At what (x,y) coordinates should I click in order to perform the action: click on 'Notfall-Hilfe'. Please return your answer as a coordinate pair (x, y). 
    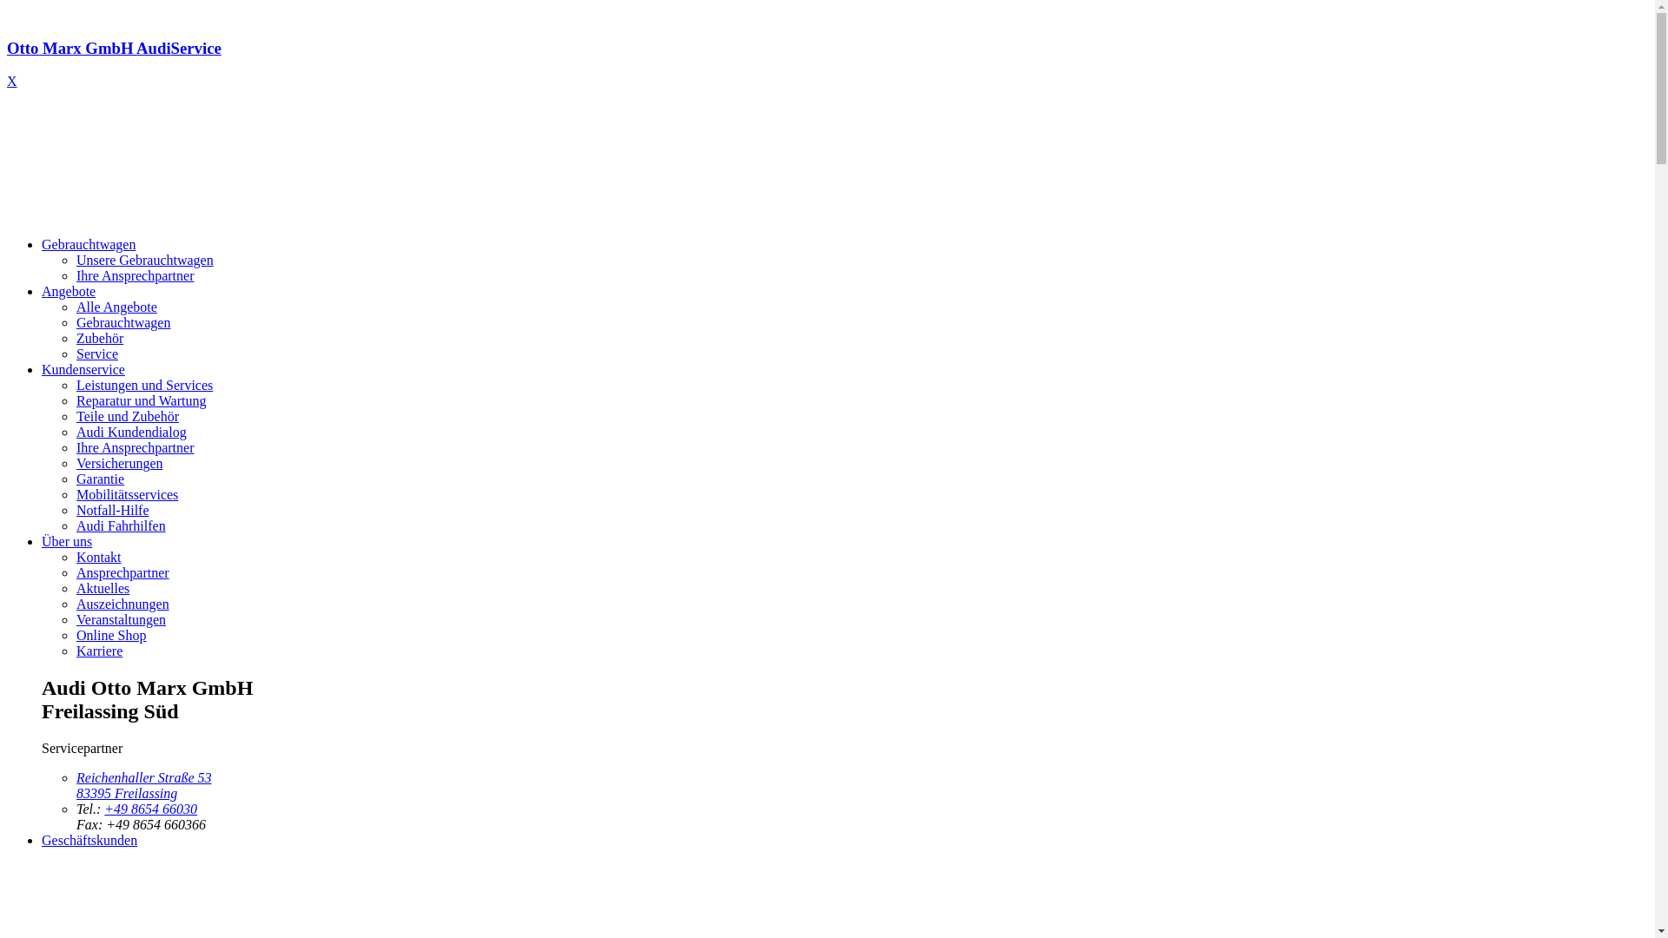
    Looking at the image, I should click on (111, 509).